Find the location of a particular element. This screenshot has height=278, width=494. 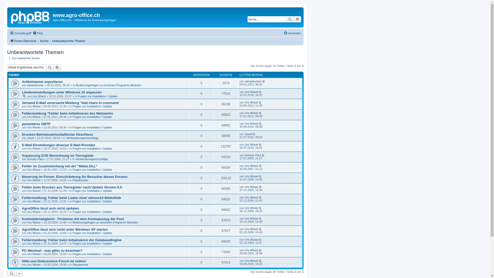

'Versand E-Mail verursacht Meldung "bad chars in command' is located at coordinates (70, 103).